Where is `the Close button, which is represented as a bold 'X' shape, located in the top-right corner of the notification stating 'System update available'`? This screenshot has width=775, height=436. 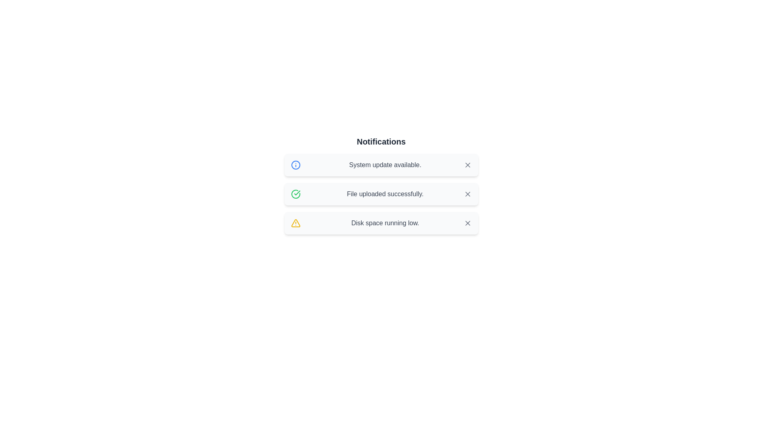 the Close button, which is represented as a bold 'X' shape, located in the top-right corner of the notification stating 'System update available' is located at coordinates (467, 164).